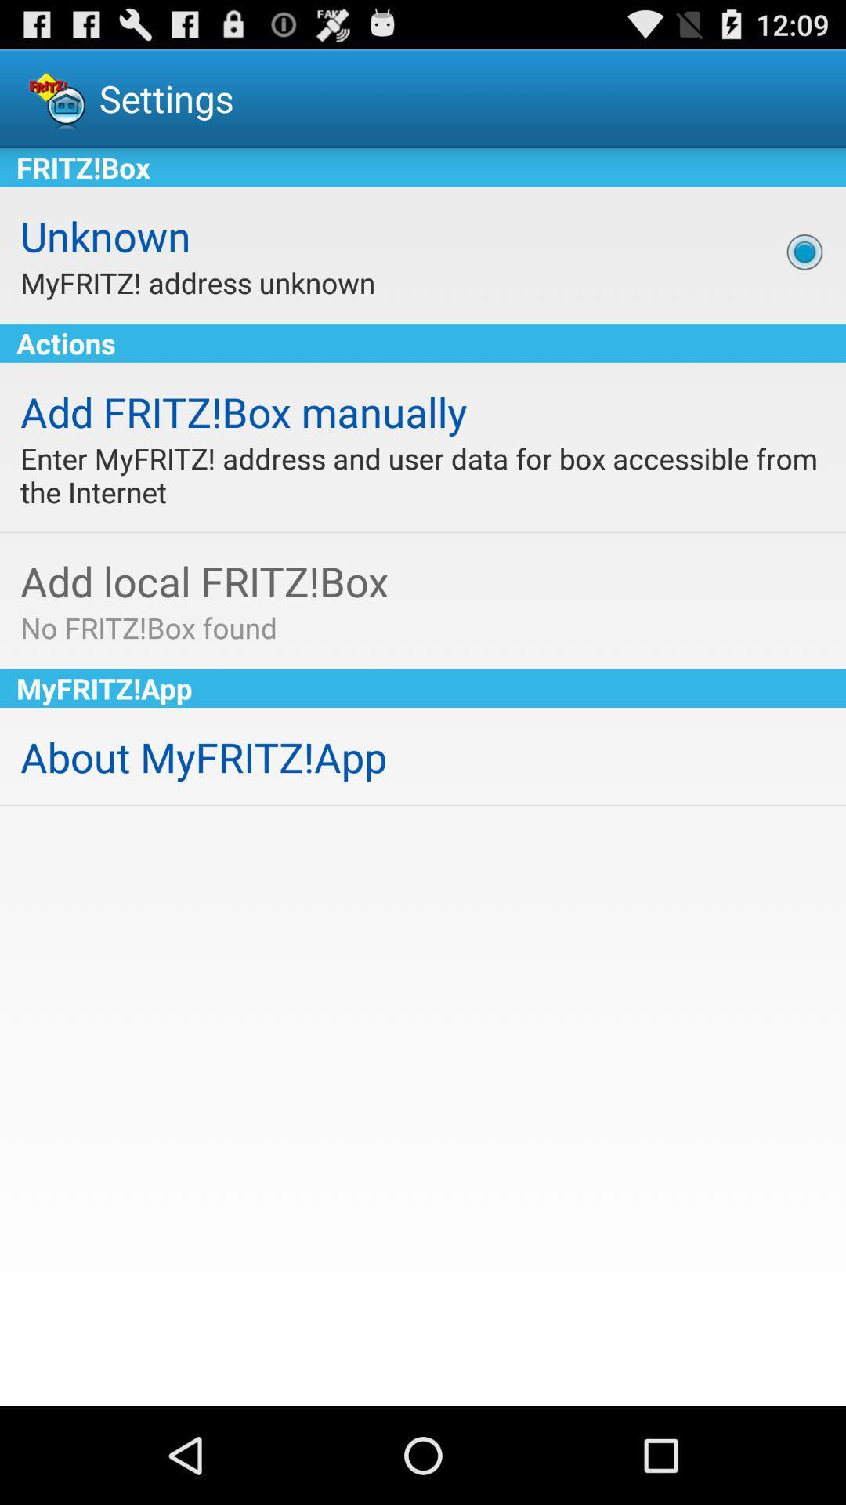  I want to click on icon above the add fritz box app, so click(423, 342).